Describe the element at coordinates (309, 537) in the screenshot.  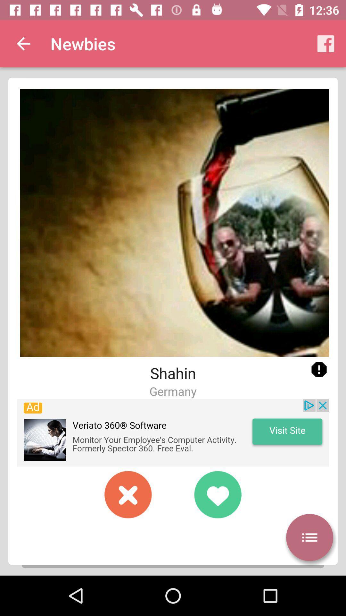
I see `menu` at that location.